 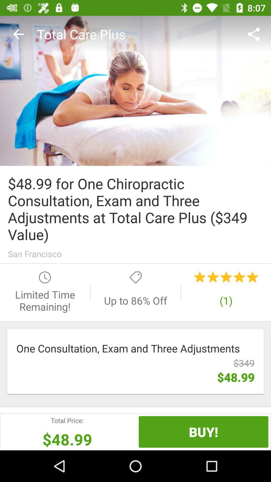 What do you see at coordinates (18, 34) in the screenshot?
I see `the item at the top left corner` at bounding box center [18, 34].